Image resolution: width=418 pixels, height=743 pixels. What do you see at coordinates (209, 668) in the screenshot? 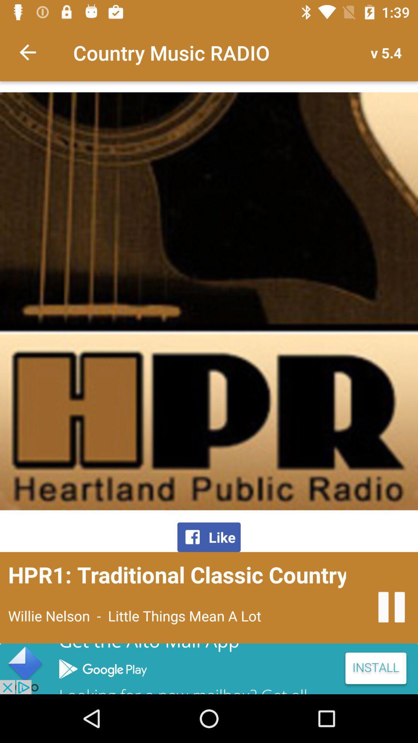
I see `advertisement` at bounding box center [209, 668].